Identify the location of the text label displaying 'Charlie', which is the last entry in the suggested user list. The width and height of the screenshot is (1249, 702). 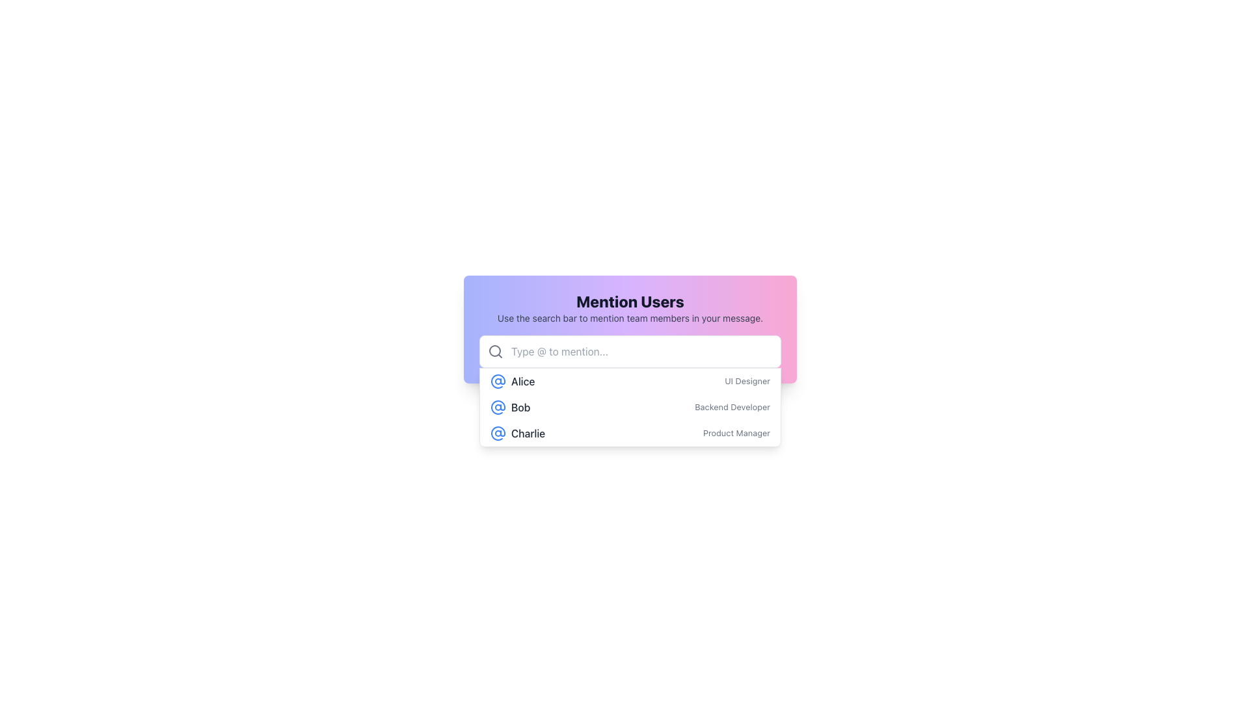
(528, 434).